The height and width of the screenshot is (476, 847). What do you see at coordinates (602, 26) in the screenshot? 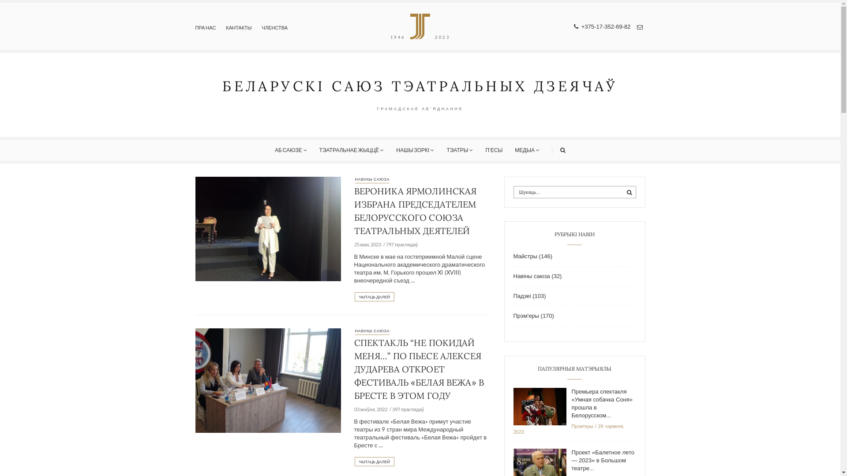
I see `'  +375-17-352-69-82'` at bounding box center [602, 26].